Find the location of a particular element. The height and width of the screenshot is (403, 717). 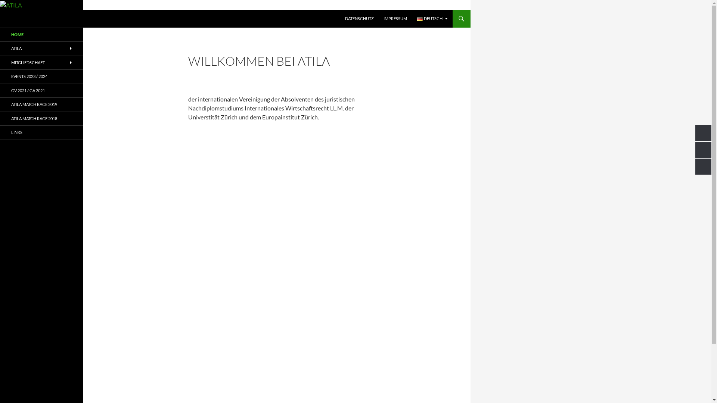

'DATENSCHUTZ' is located at coordinates (359, 18).